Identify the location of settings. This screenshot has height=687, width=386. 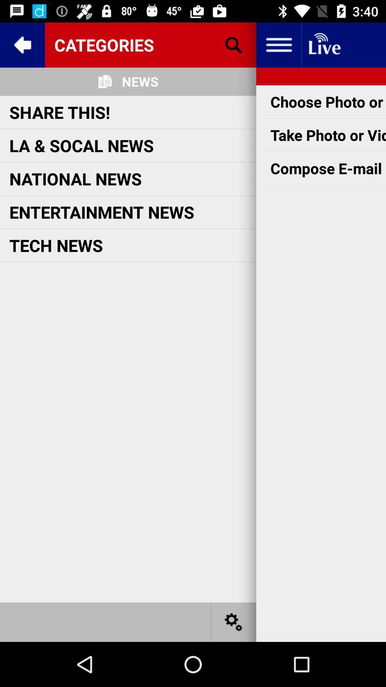
(234, 622).